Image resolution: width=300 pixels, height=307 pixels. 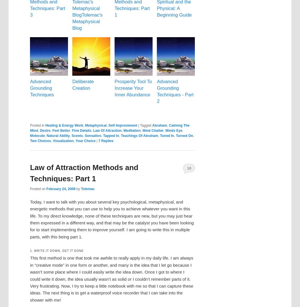 What do you see at coordinates (107, 140) in the screenshot?
I see `'Replies'` at bounding box center [107, 140].